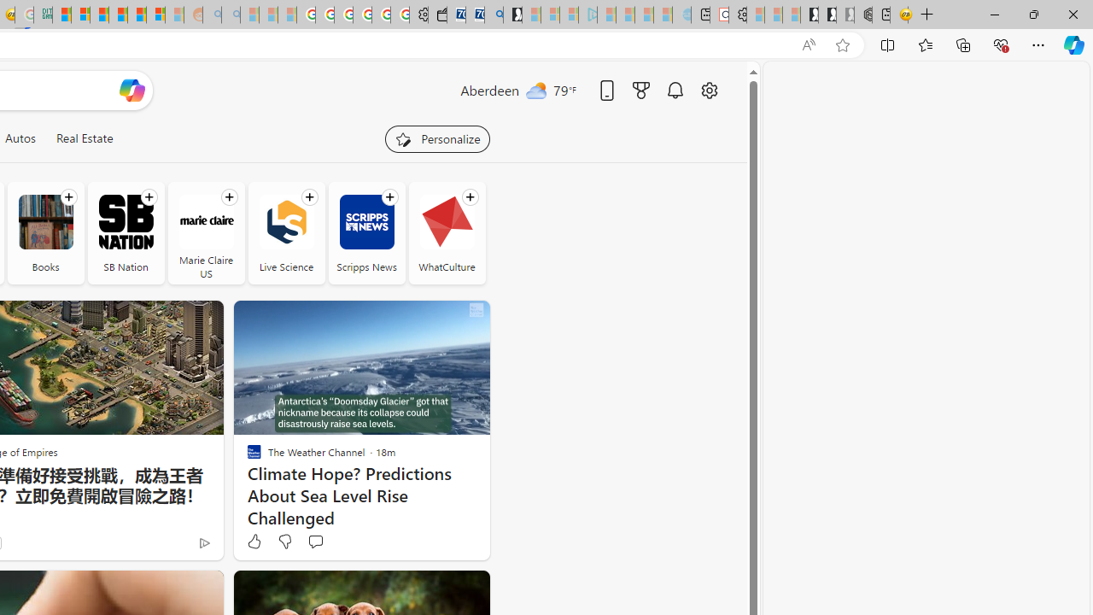 Image resolution: width=1093 pixels, height=615 pixels. I want to click on 'Live Science', so click(287, 232).